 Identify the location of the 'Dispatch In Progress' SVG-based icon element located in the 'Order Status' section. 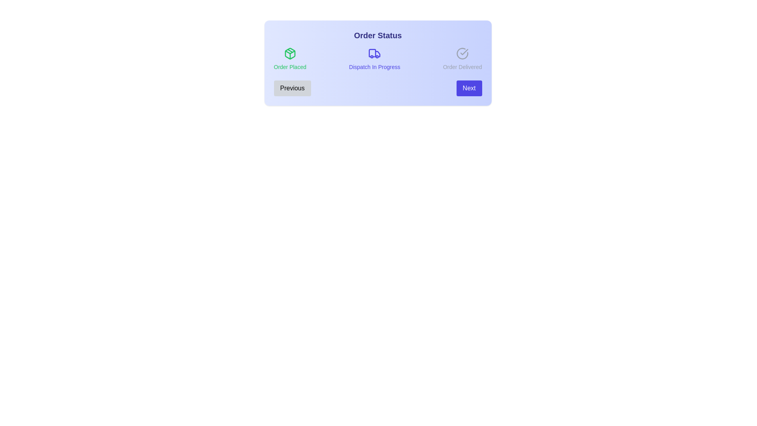
(374, 53).